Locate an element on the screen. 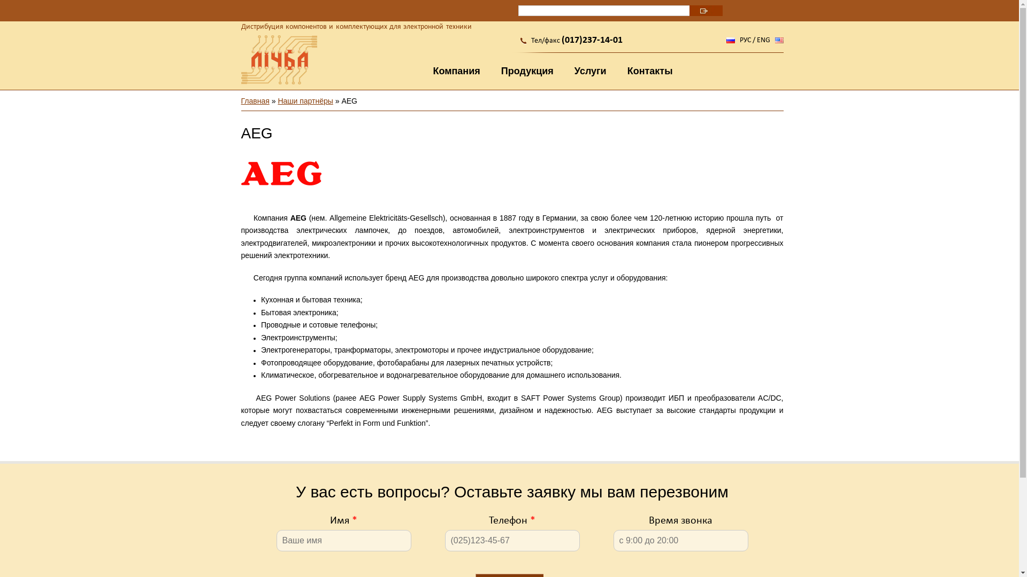 The height and width of the screenshot is (577, 1027). 'ENG' is located at coordinates (756, 40).